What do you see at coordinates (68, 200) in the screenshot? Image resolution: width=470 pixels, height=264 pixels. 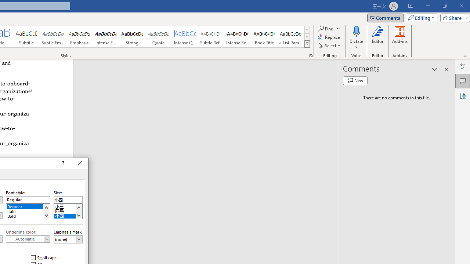 I see `'RichEdit Control'` at bounding box center [68, 200].